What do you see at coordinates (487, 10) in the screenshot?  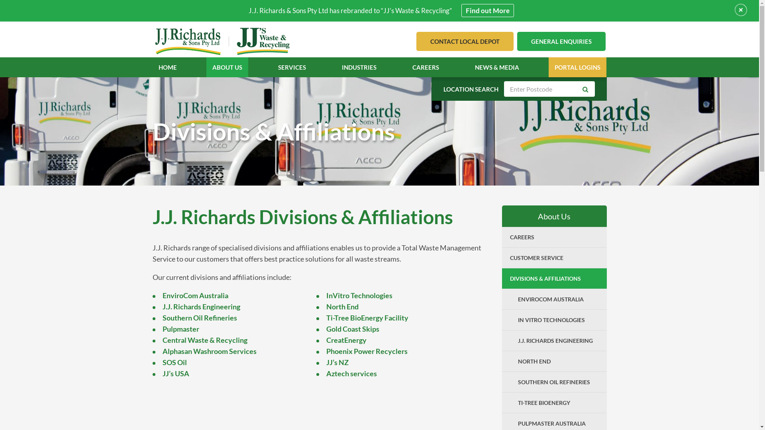 I see `'Find out More'` at bounding box center [487, 10].